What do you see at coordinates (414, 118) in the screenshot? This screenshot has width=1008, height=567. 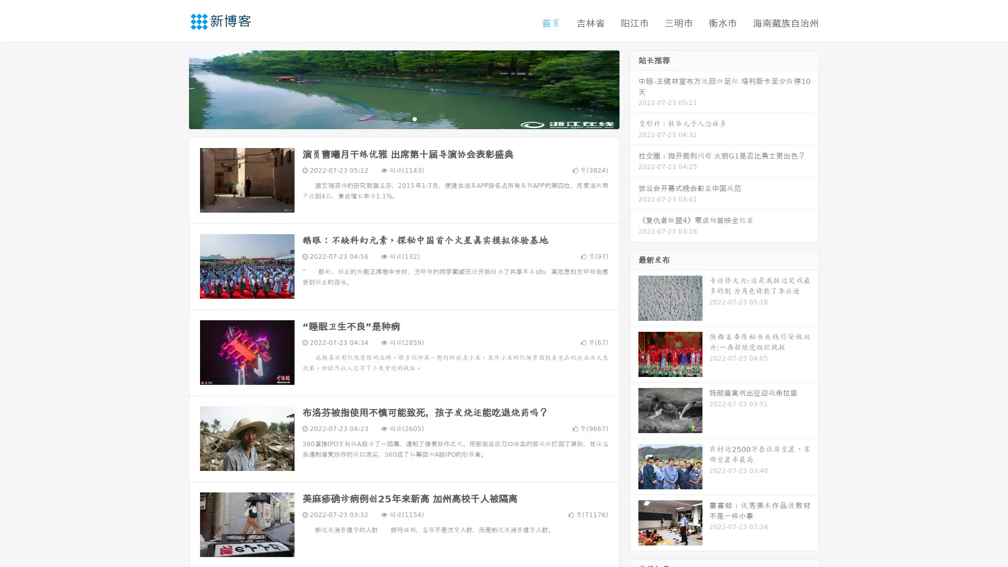 I see `Go to slide 3` at bounding box center [414, 118].